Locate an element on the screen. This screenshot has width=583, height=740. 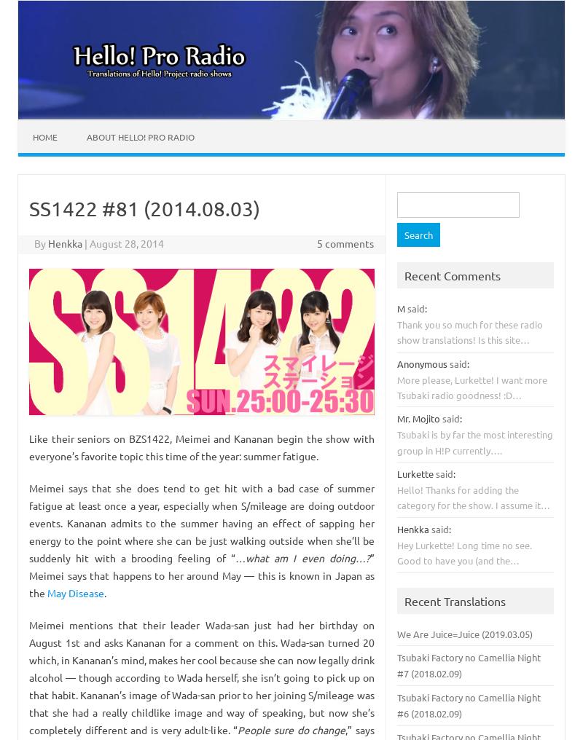
'Like their seniors on BZS1422, Meimei and Kananan begin the show with everyone’s favorite topic this time of the year: summer fatigue.' is located at coordinates (202, 446).